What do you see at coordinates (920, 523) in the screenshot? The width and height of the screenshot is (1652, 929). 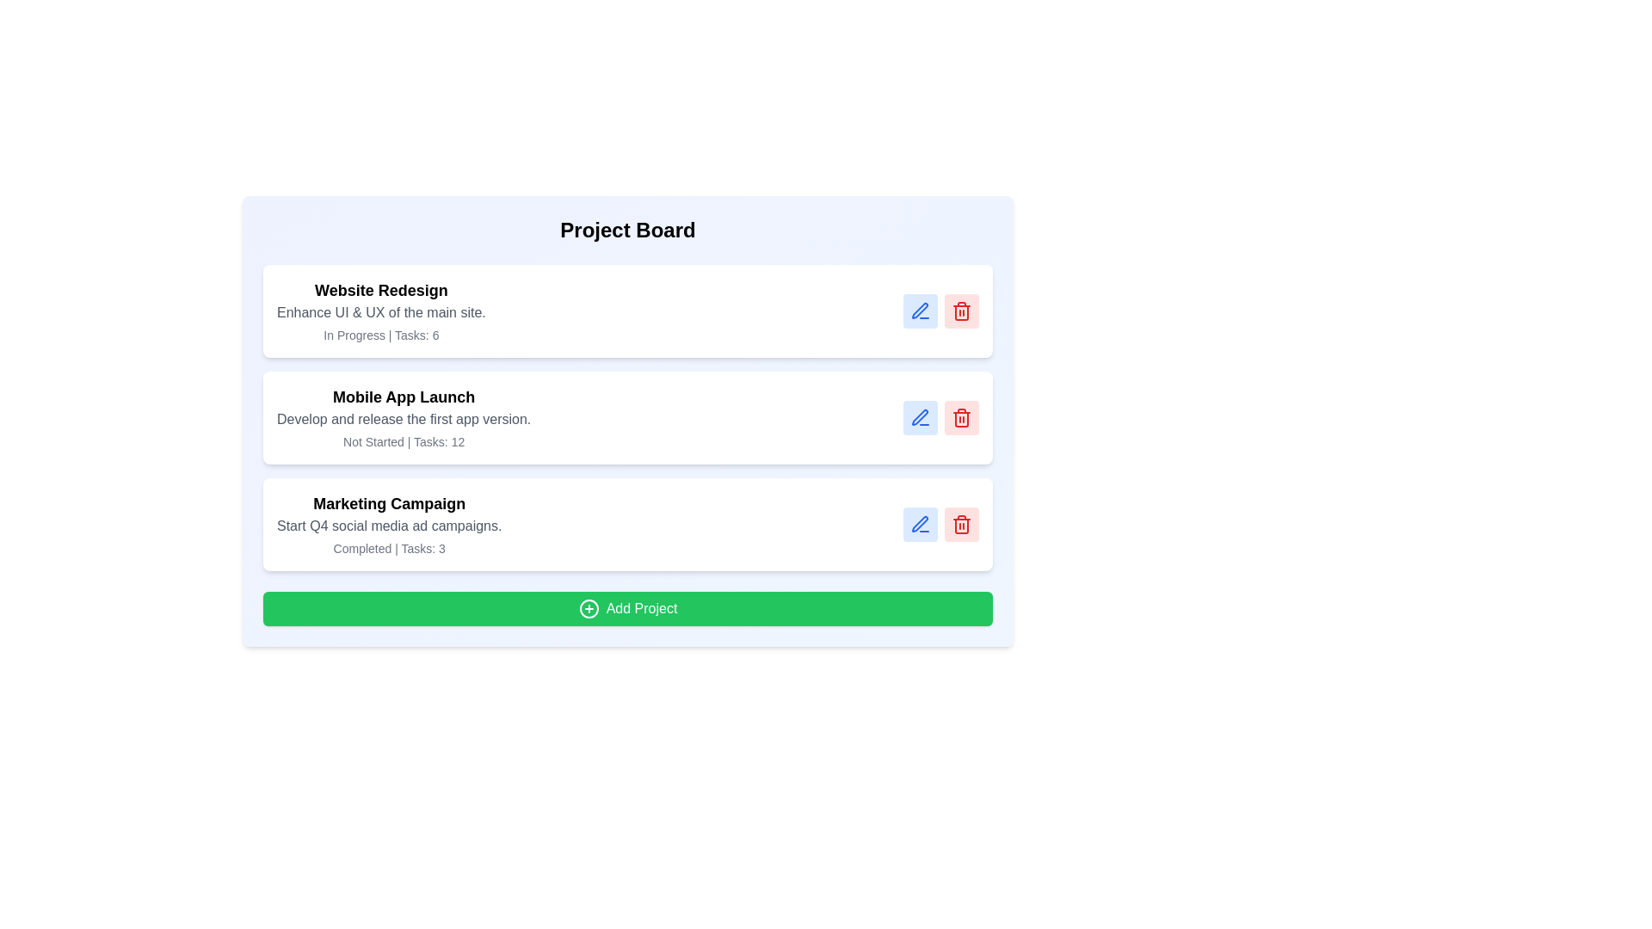 I see `the edit button for the Marketing Campaign project` at bounding box center [920, 523].